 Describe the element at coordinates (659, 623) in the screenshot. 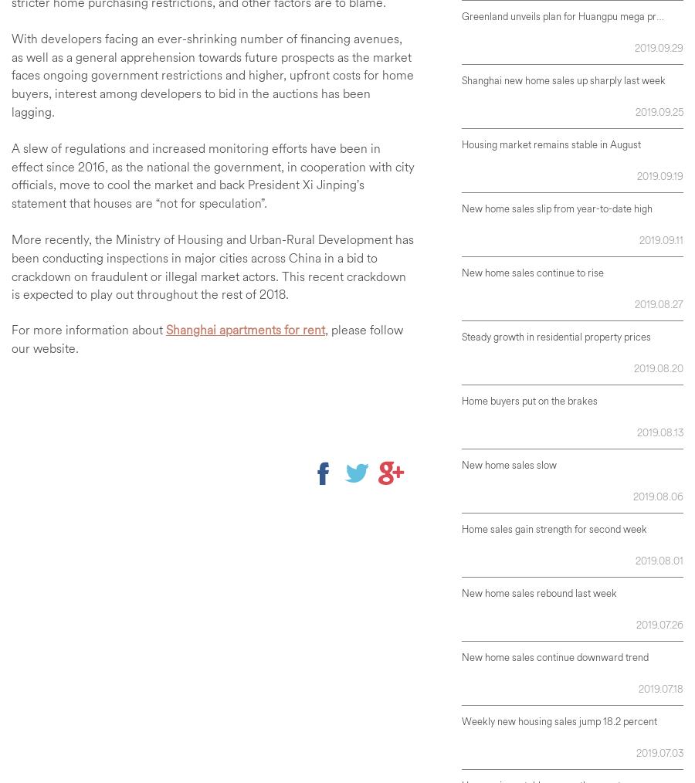

I see `'2019.07.26'` at that location.